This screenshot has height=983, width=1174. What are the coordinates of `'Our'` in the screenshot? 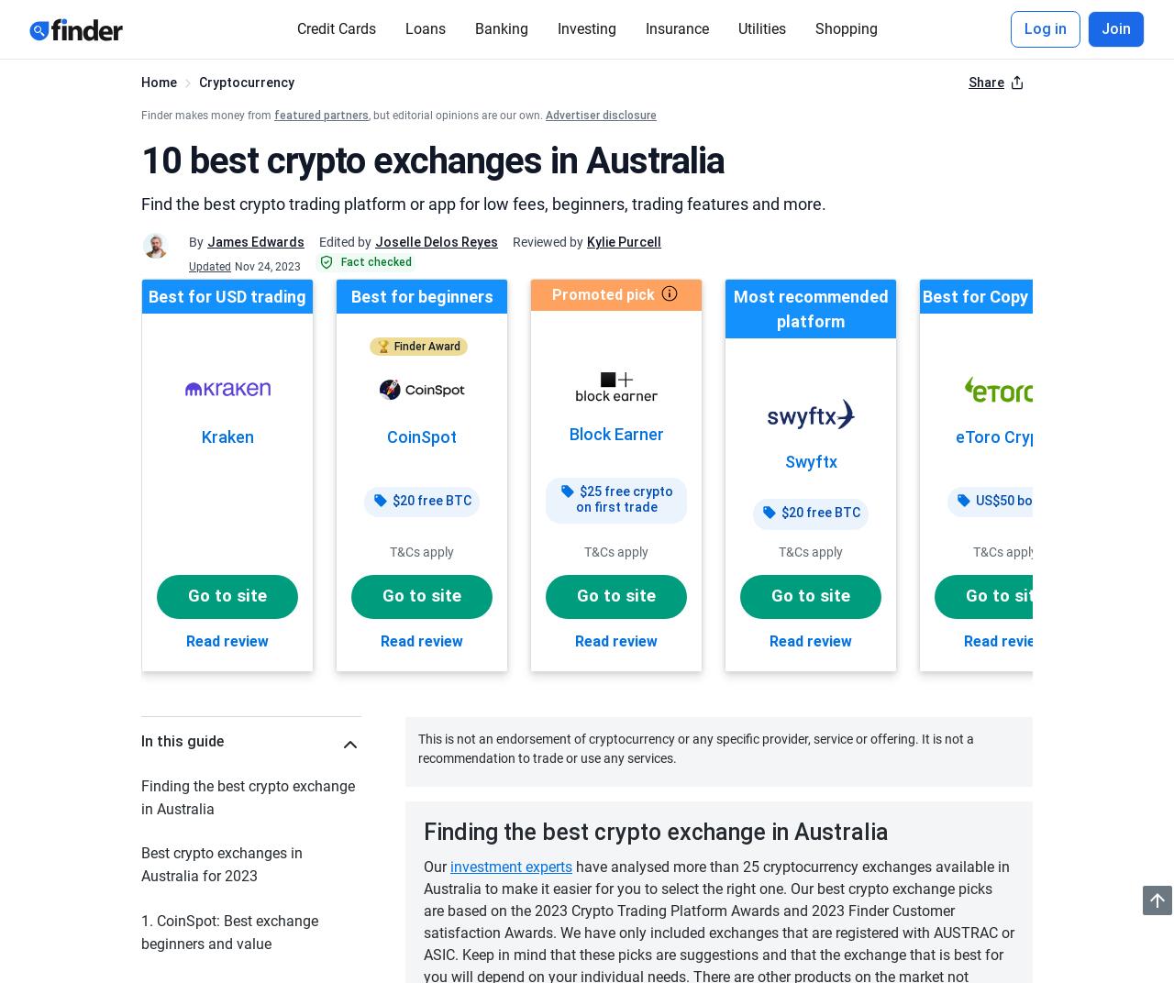 It's located at (422, 866).